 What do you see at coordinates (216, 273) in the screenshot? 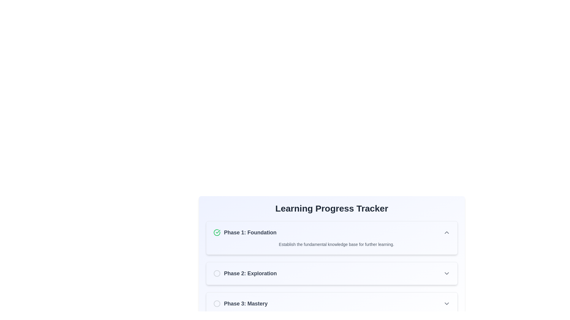
I see `the circular SVG graphic element with a stroke, located in the 'Phase 2: Exploration' section of the 'Learning Progress Tracker' list` at bounding box center [216, 273].